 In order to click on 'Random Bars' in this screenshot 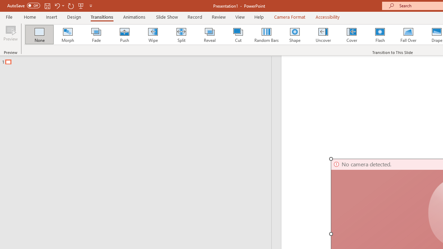, I will do `click(266, 35)`.